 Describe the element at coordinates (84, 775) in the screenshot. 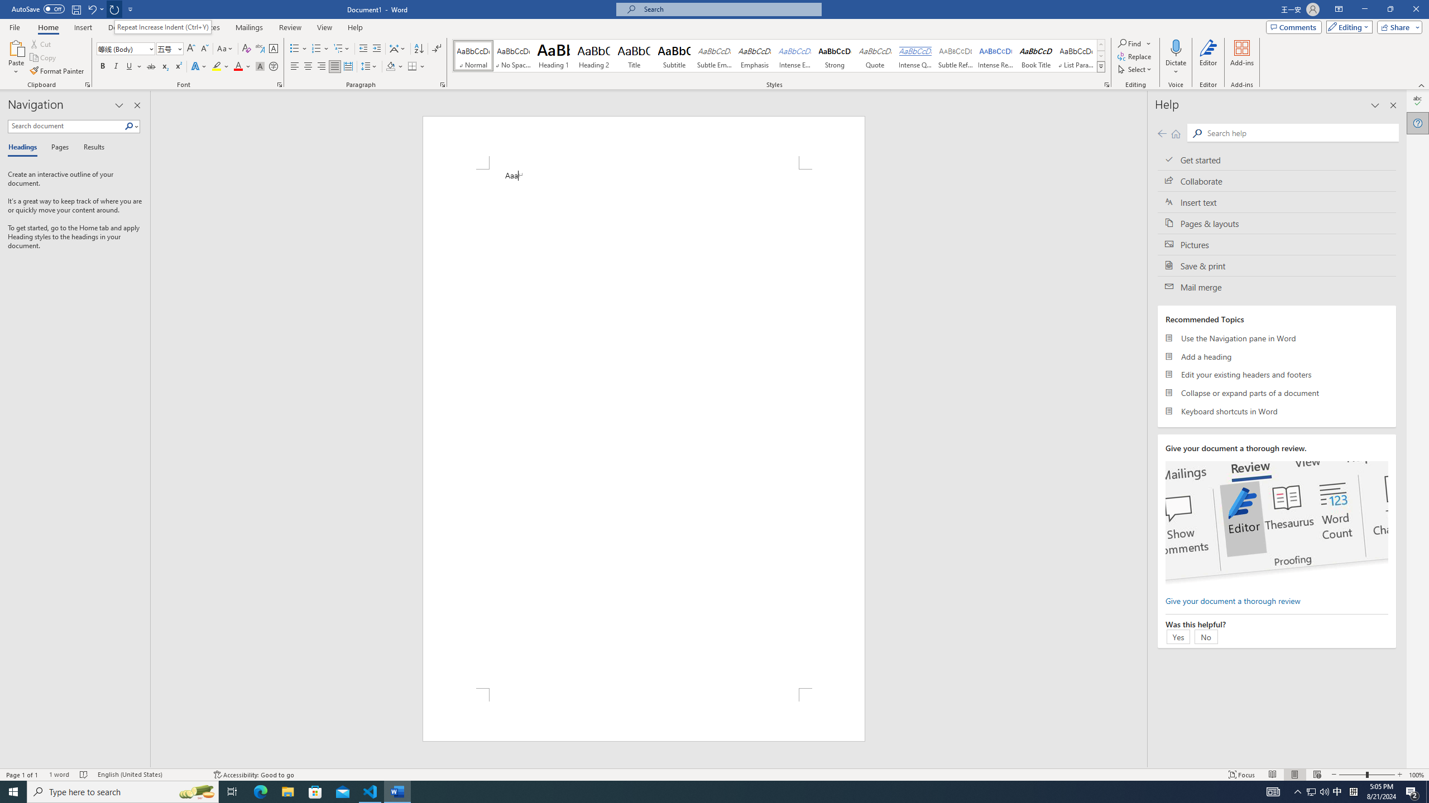

I see `'Spelling and Grammar Check No Errors'` at that location.